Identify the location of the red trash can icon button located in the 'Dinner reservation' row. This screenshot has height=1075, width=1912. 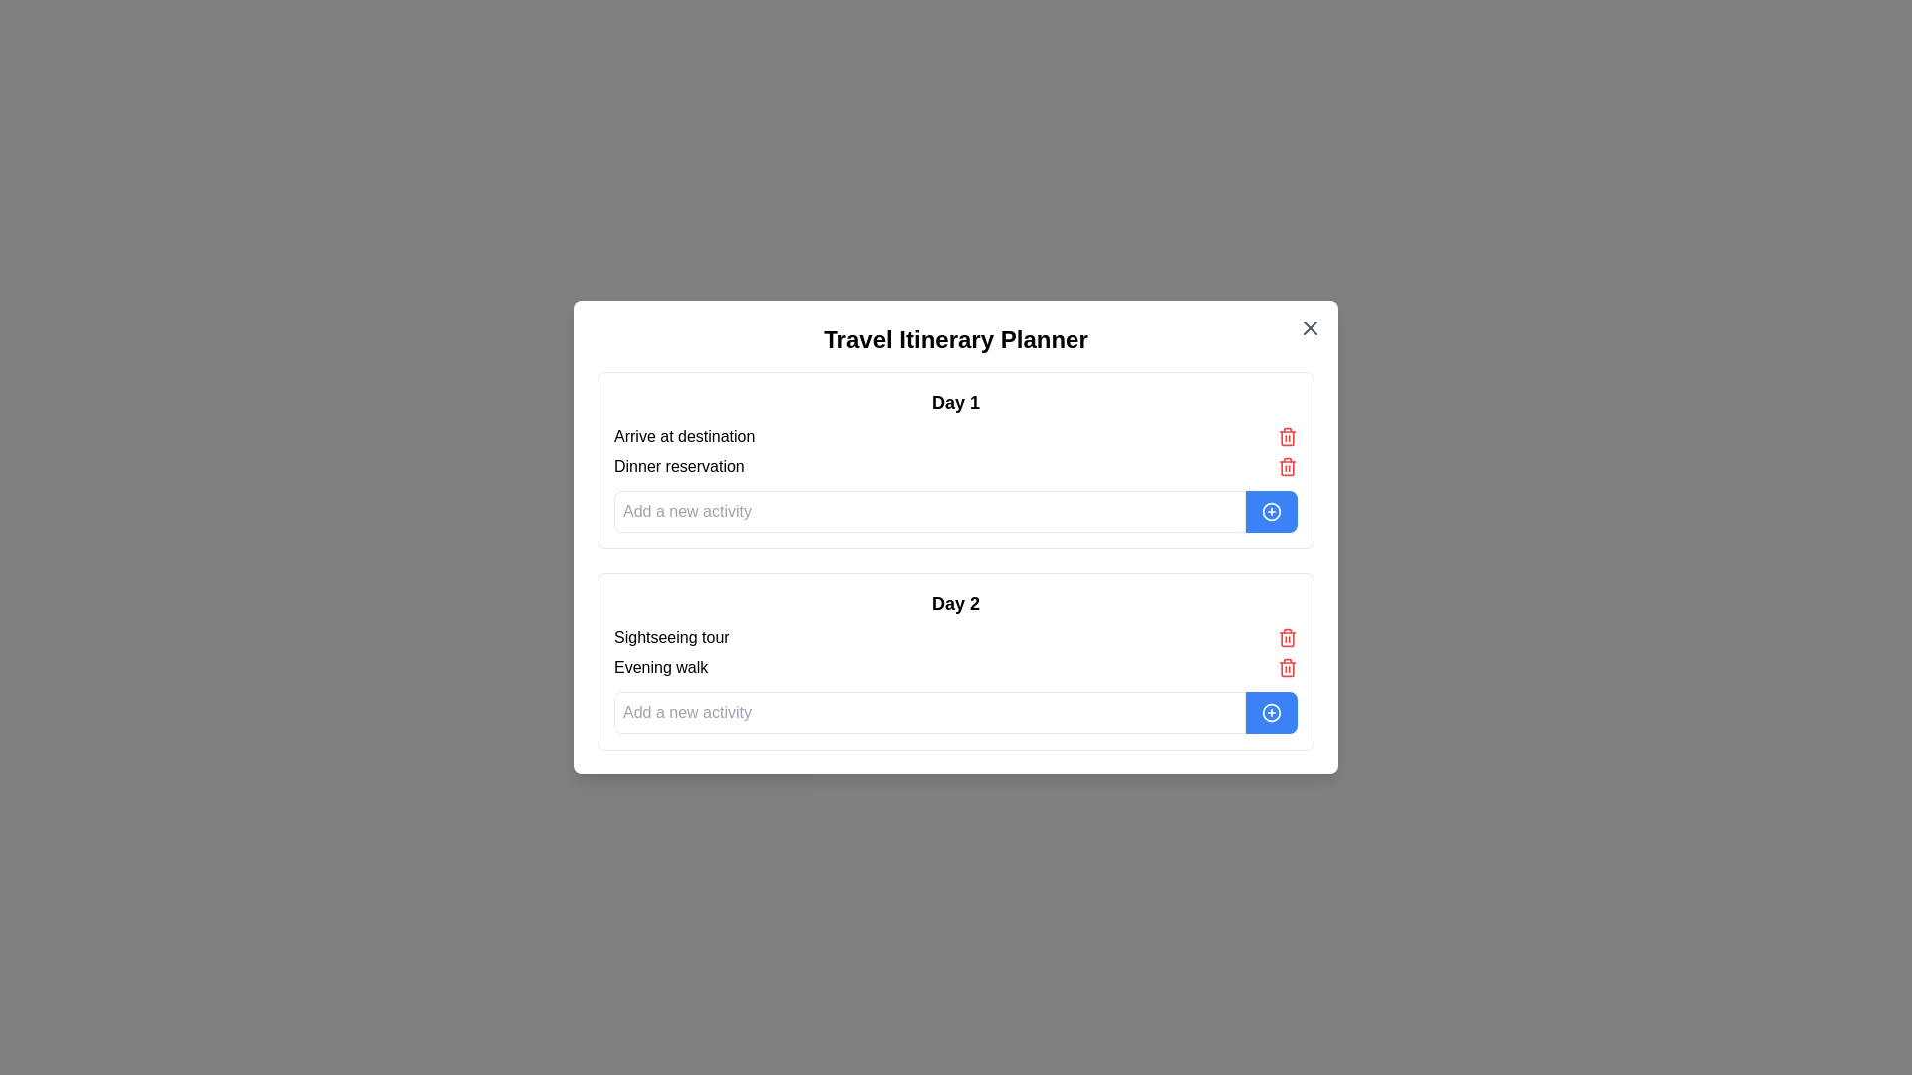
(1287, 467).